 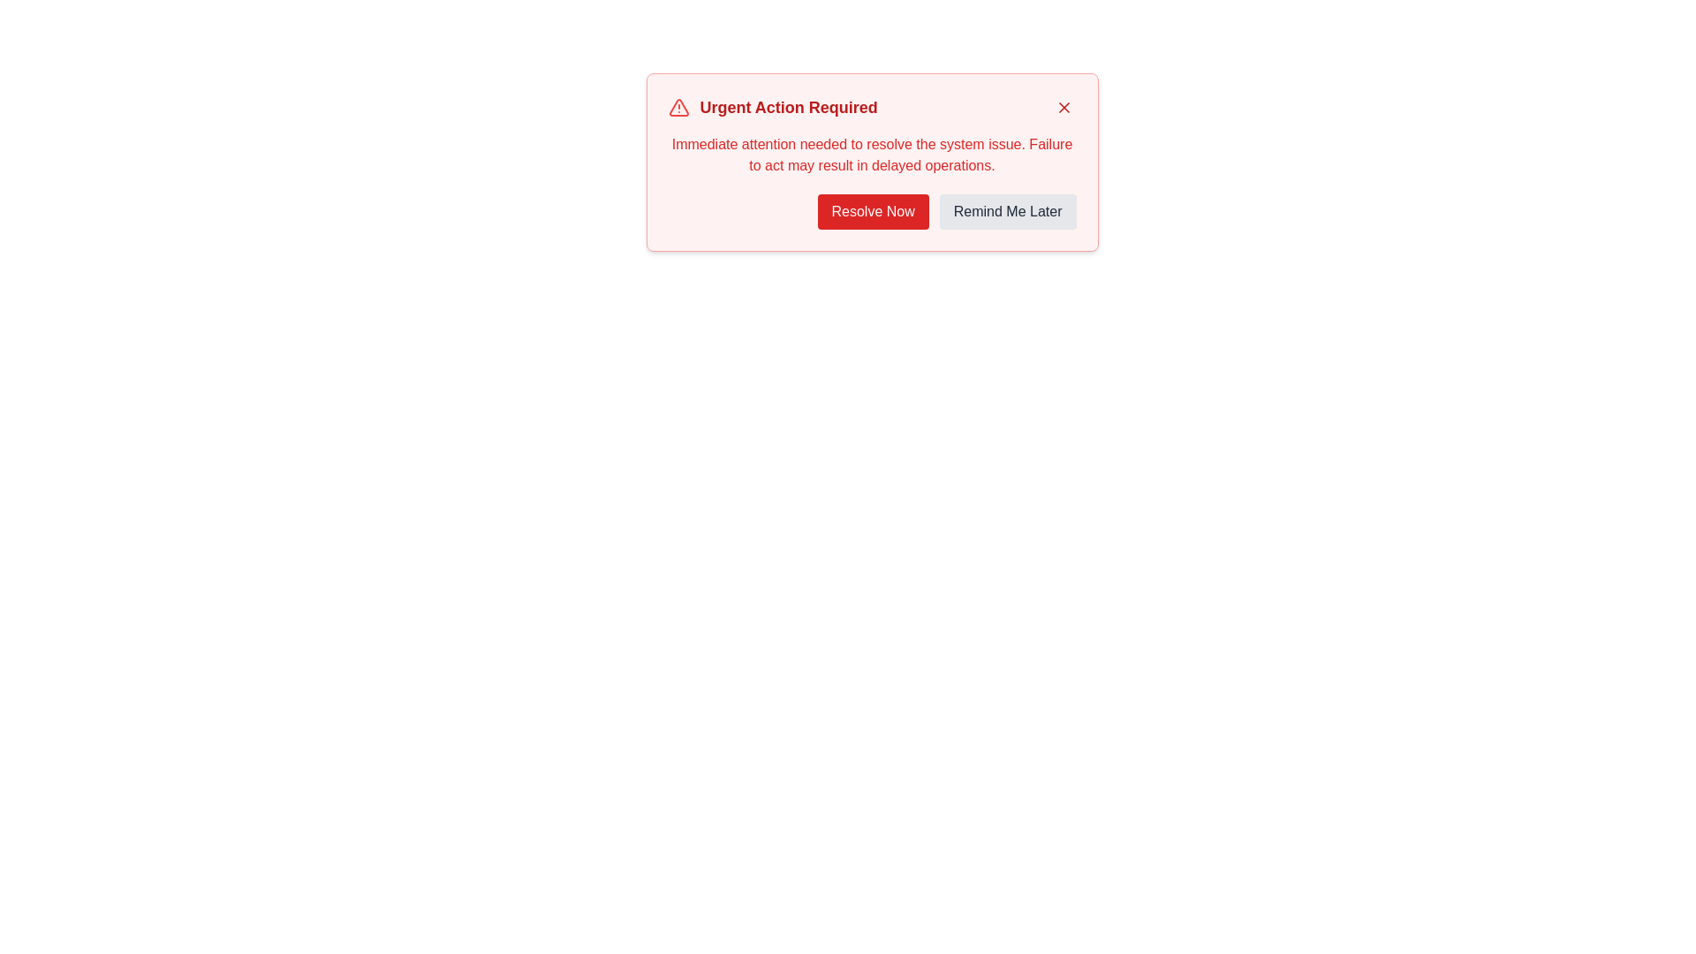 What do you see at coordinates (1063, 108) in the screenshot?
I see `the Close Button located in the top-right corner of the alert box` at bounding box center [1063, 108].